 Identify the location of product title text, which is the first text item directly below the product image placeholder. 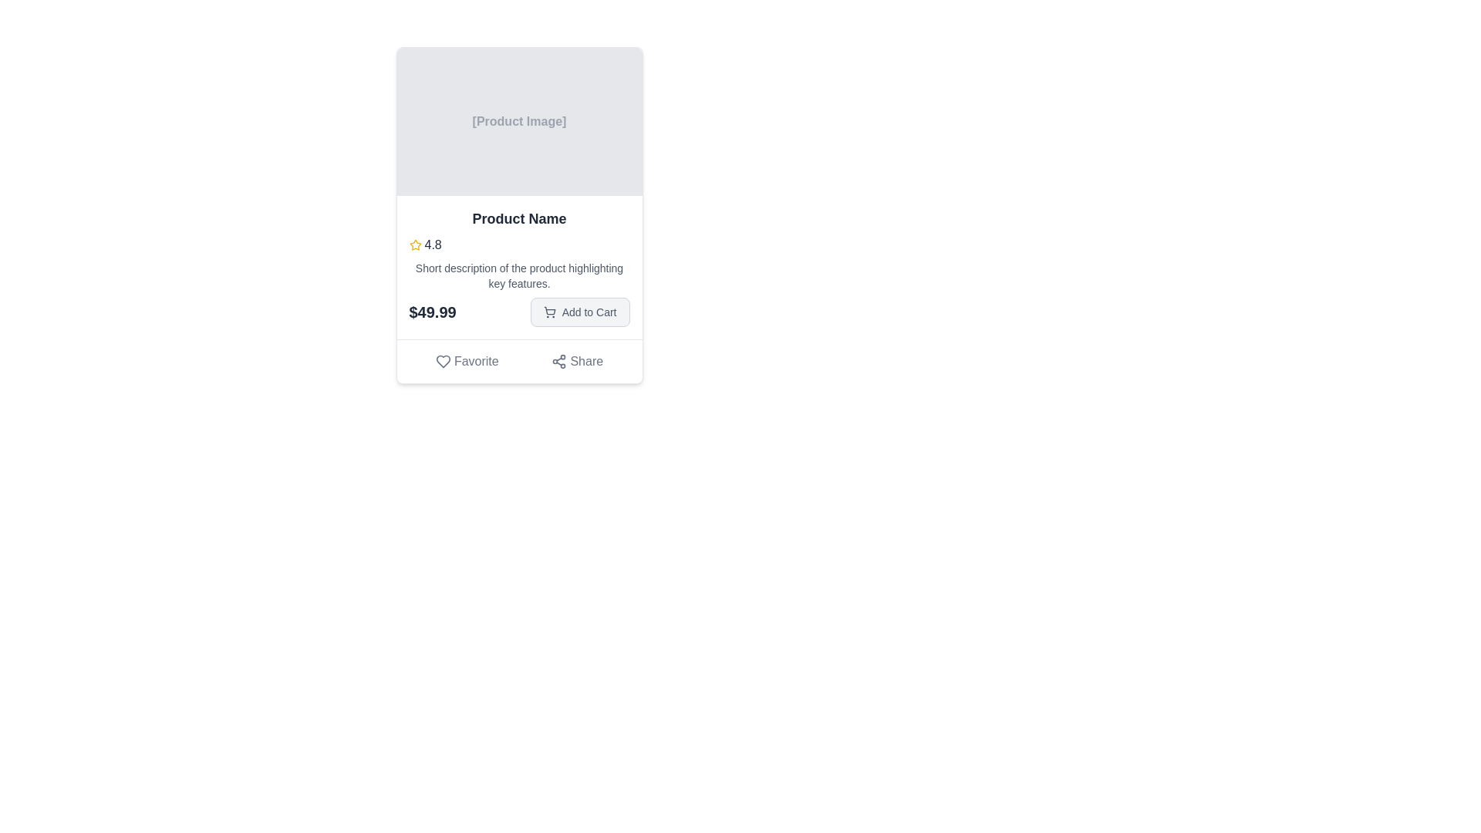
(519, 219).